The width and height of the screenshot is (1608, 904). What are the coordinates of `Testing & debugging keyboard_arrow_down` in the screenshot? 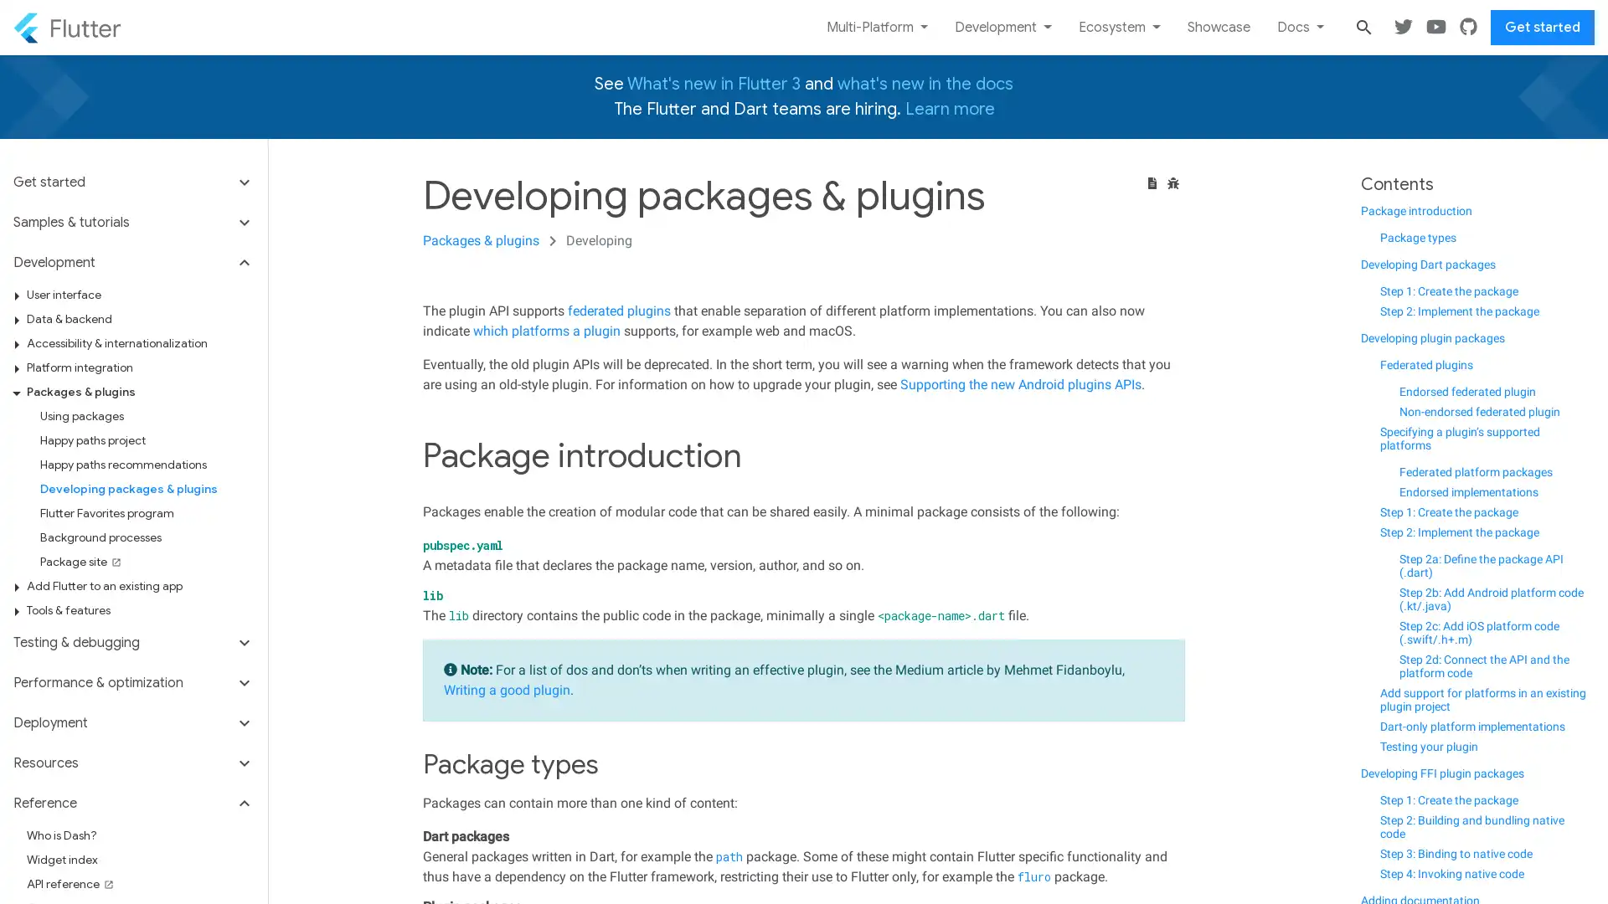 It's located at (132, 641).